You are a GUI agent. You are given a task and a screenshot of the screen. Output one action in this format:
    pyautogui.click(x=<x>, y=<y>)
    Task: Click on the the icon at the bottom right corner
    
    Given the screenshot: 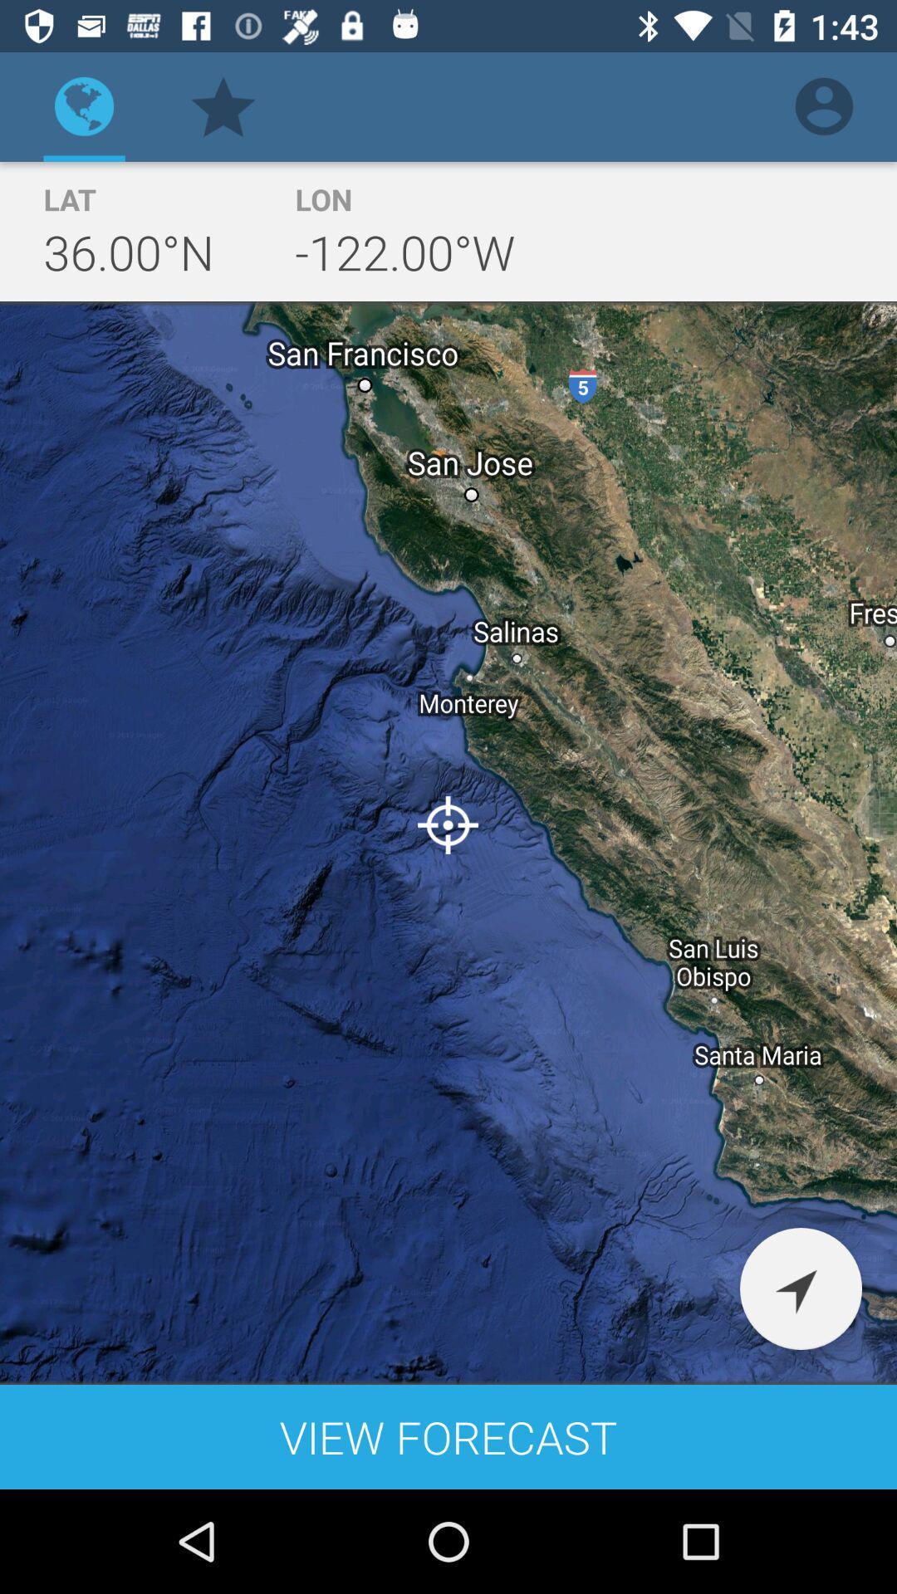 What is the action you would take?
    pyautogui.click(x=800, y=1288)
    